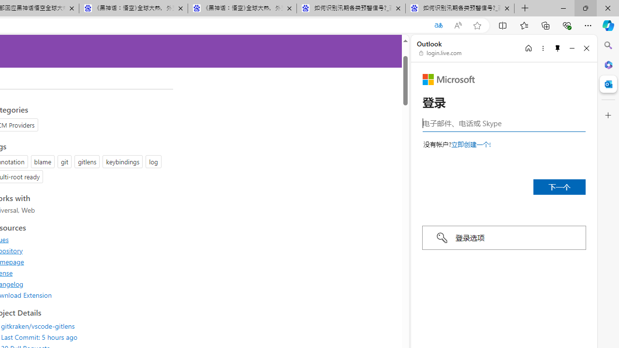  I want to click on 'Microsoft', so click(448, 79).